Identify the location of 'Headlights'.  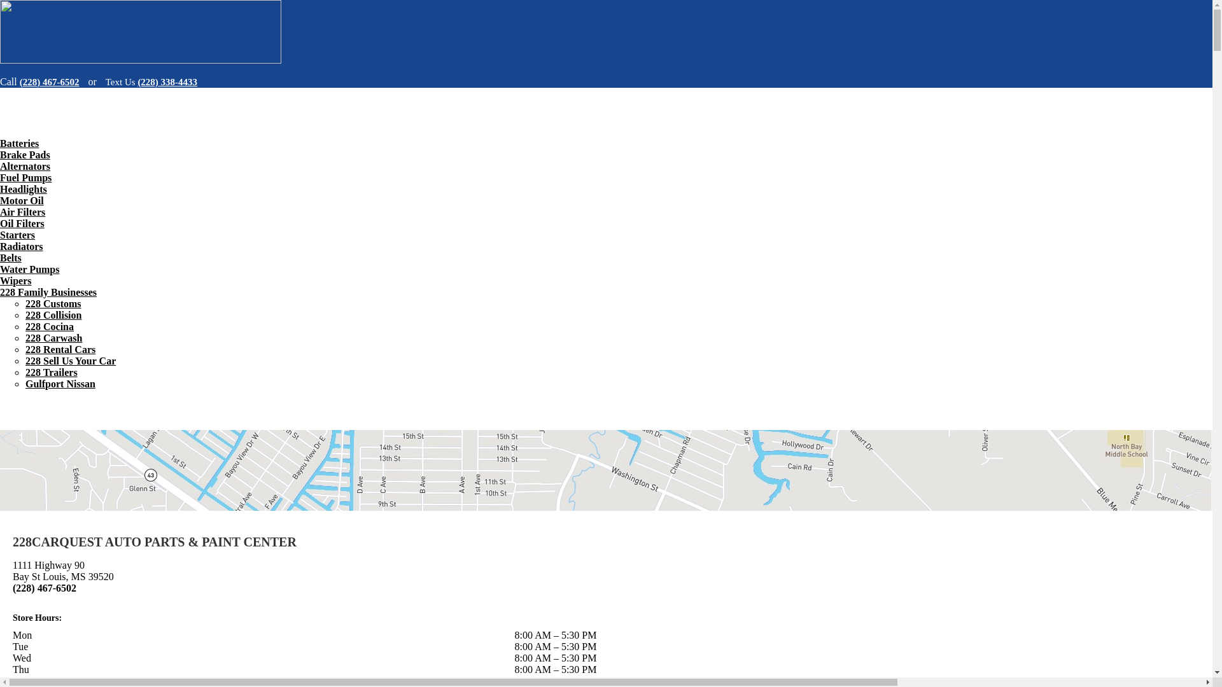
(24, 189).